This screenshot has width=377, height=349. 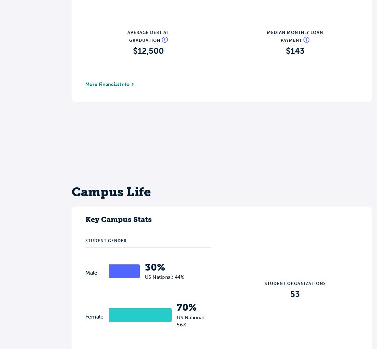 I want to click on 'US National: 56%', so click(x=191, y=320).